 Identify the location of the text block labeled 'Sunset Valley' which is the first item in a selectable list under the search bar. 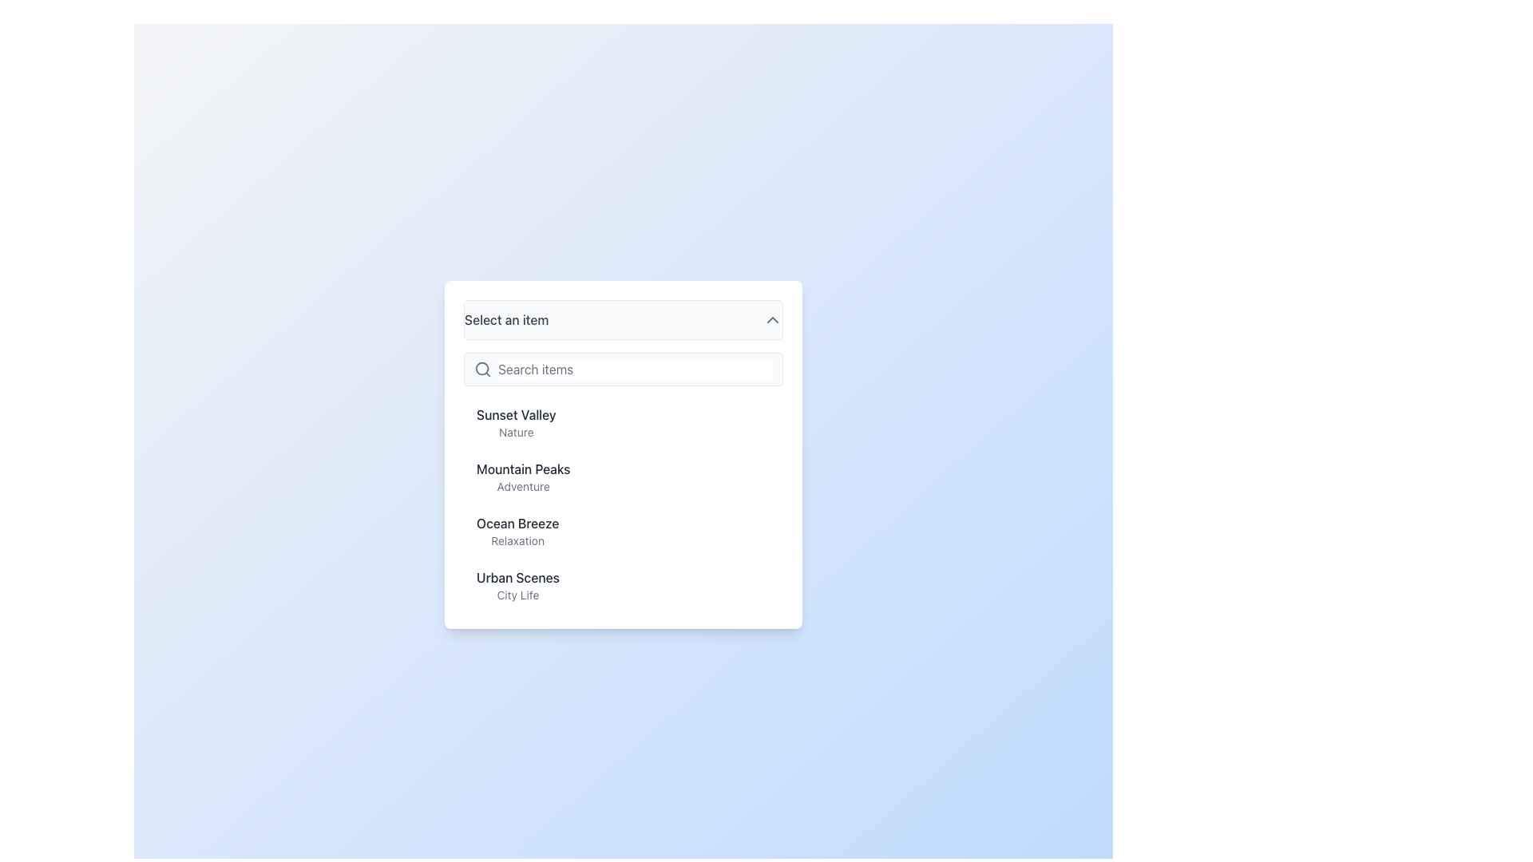
(516, 421).